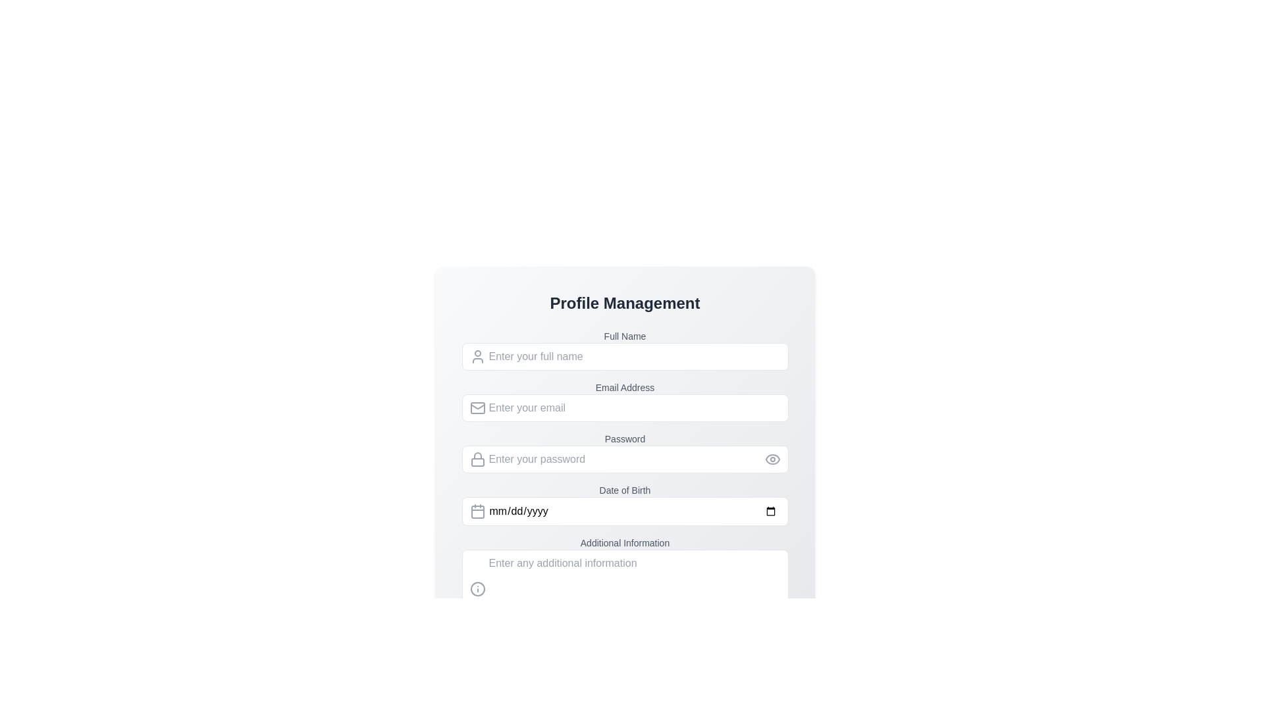 The width and height of the screenshot is (1264, 711). I want to click on the 'Password' text label, which is a medium-sized gray font element located above the password input field, so click(624, 439).